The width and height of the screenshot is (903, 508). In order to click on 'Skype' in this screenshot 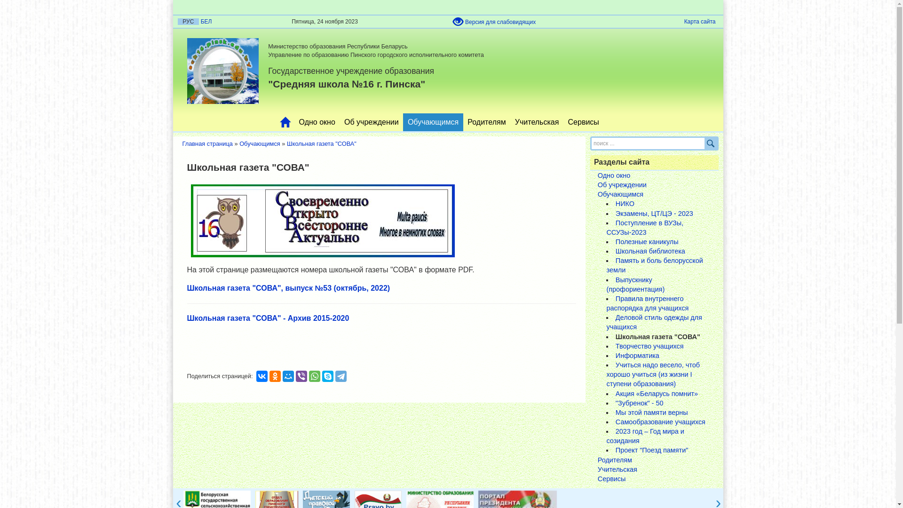, I will do `click(322, 375)`.